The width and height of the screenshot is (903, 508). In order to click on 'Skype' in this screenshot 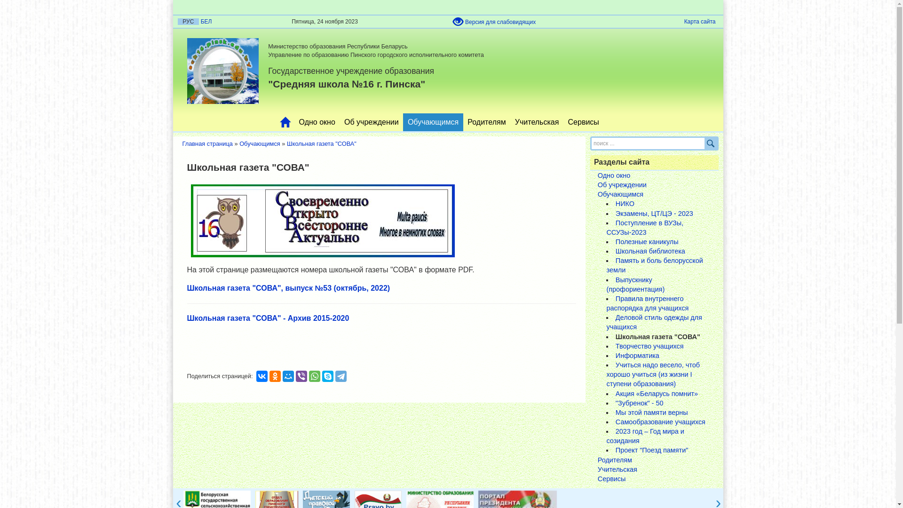, I will do `click(322, 375)`.